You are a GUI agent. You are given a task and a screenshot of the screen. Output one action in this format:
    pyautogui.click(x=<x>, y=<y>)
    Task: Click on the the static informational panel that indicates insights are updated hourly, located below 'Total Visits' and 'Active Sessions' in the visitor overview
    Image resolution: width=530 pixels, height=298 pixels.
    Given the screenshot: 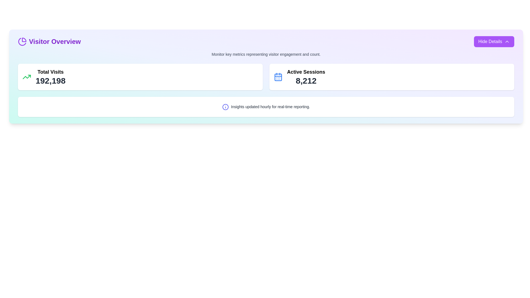 What is the action you would take?
    pyautogui.click(x=266, y=107)
    